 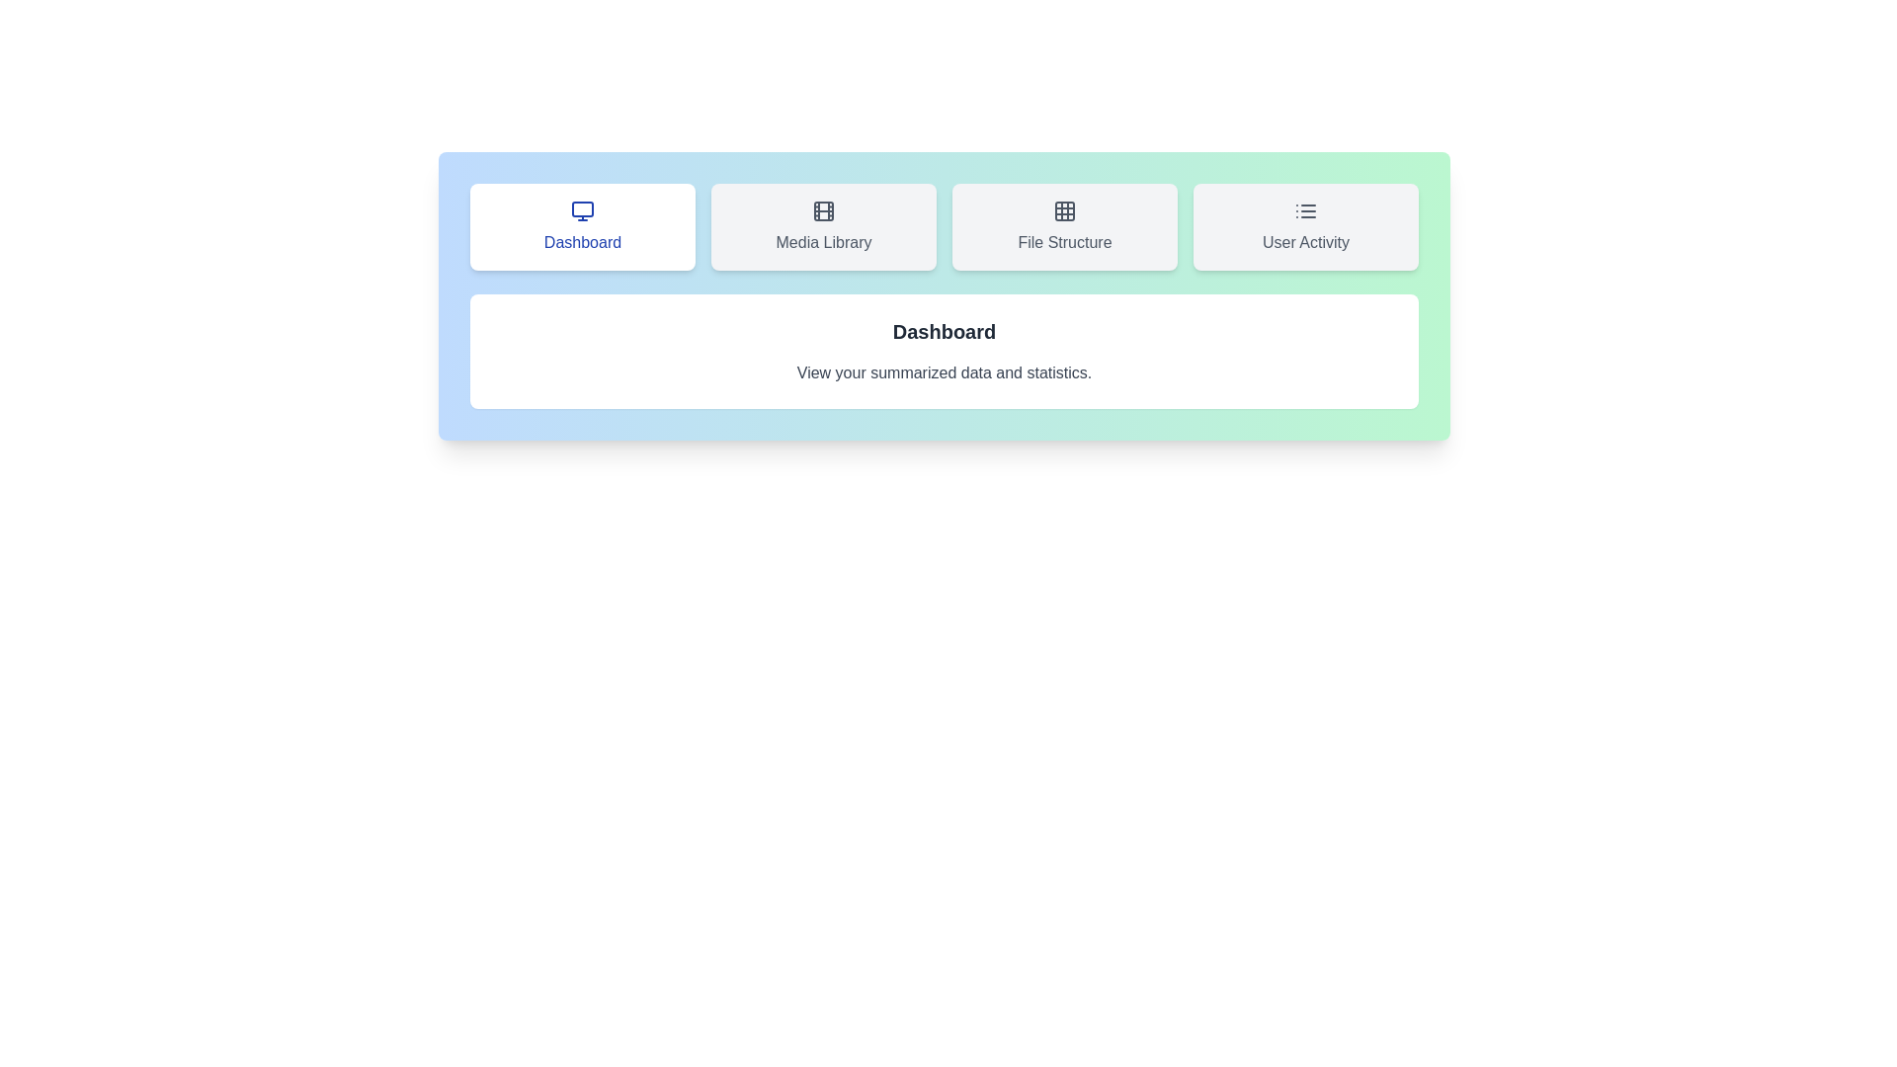 I want to click on the 'Dashboard' tab, so click(x=582, y=226).